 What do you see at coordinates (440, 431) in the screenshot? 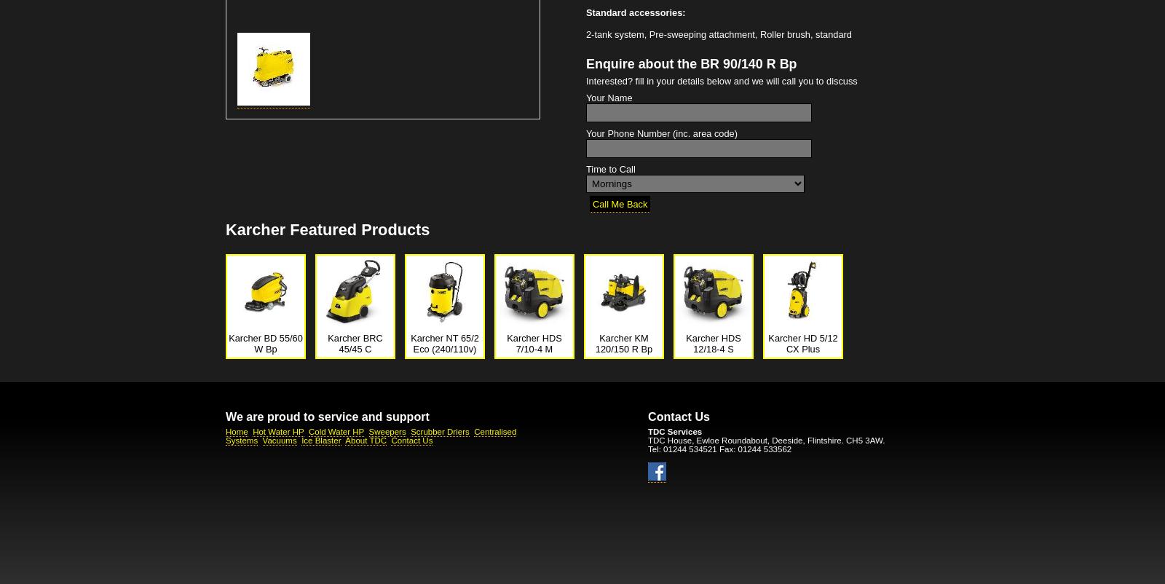
I see `'Scrubber Driers'` at bounding box center [440, 431].